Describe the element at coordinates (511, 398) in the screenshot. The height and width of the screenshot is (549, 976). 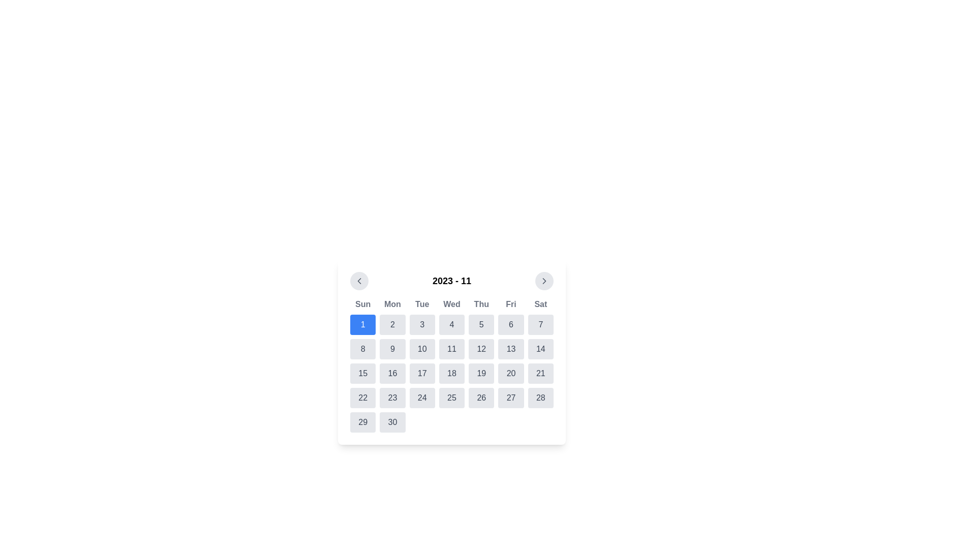
I see `the button representing calendar day '27' to change its appearance` at that location.